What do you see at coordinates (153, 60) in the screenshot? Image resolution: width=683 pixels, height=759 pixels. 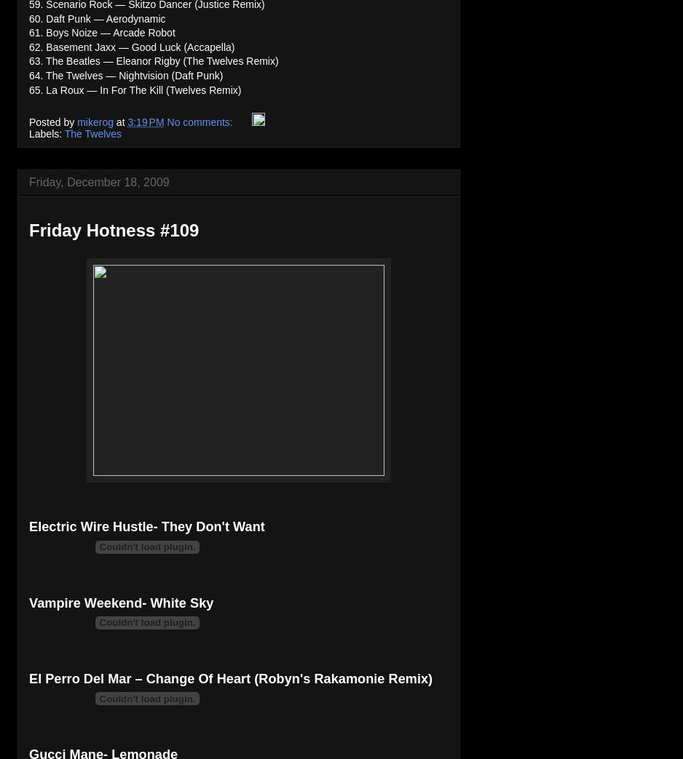 I see `'63. The Beatles — Eleanor Rigby (The Twelves Remix)'` at bounding box center [153, 60].